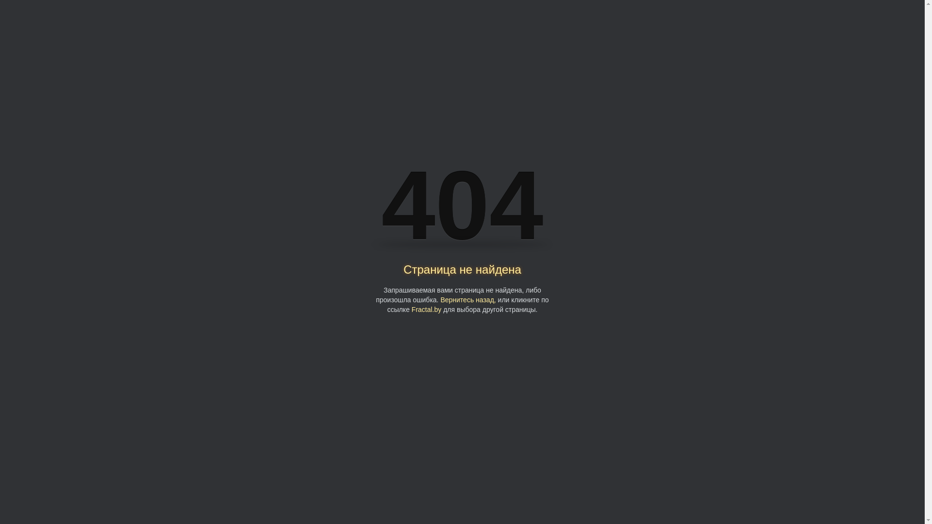  What do you see at coordinates (426, 309) in the screenshot?
I see `'Fractal.by'` at bounding box center [426, 309].